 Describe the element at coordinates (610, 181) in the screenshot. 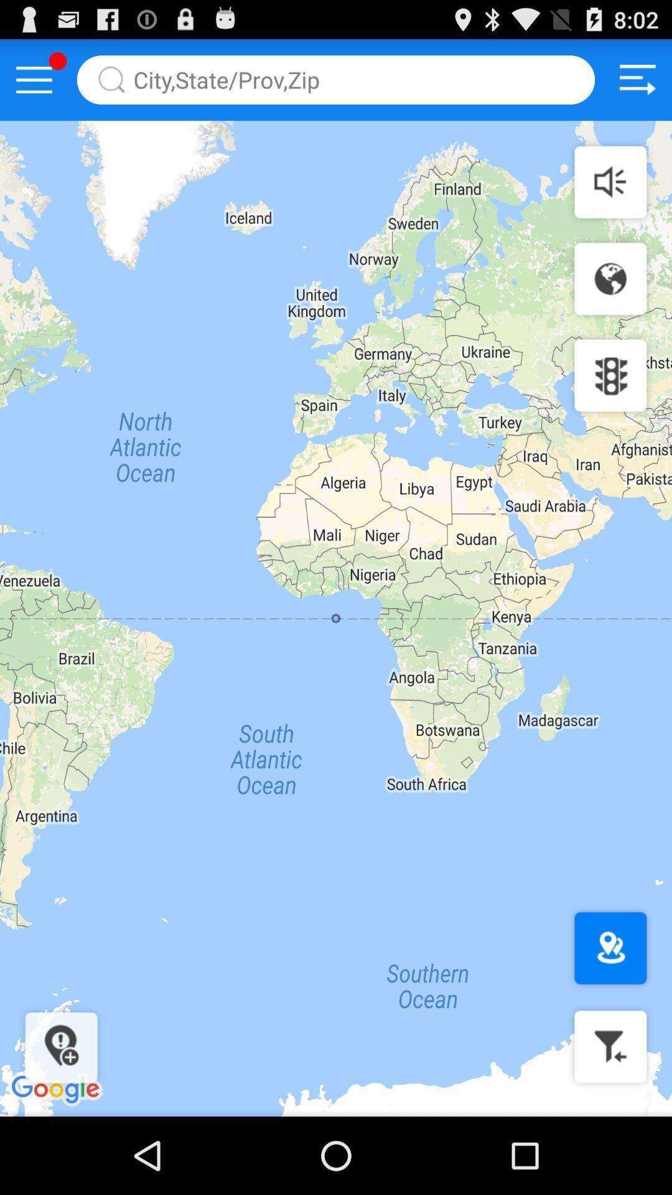

I see `adjust volume` at that location.